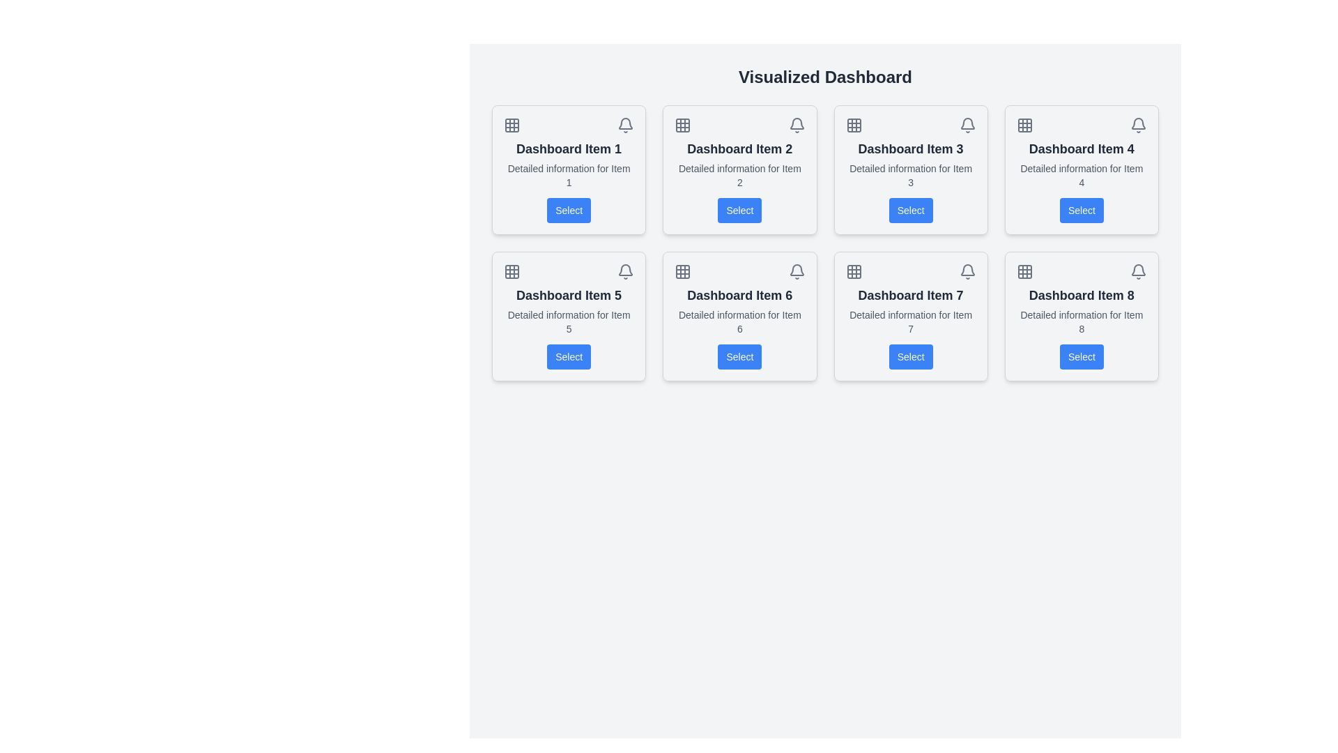 The image size is (1338, 753). Describe the element at coordinates (1024, 125) in the screenshot. I see `the square-shaped icon with rounded corners that features a bold grid-like 3x3 arrangement, located in the upper-left corner of the fourth dashboard item card` at that location.